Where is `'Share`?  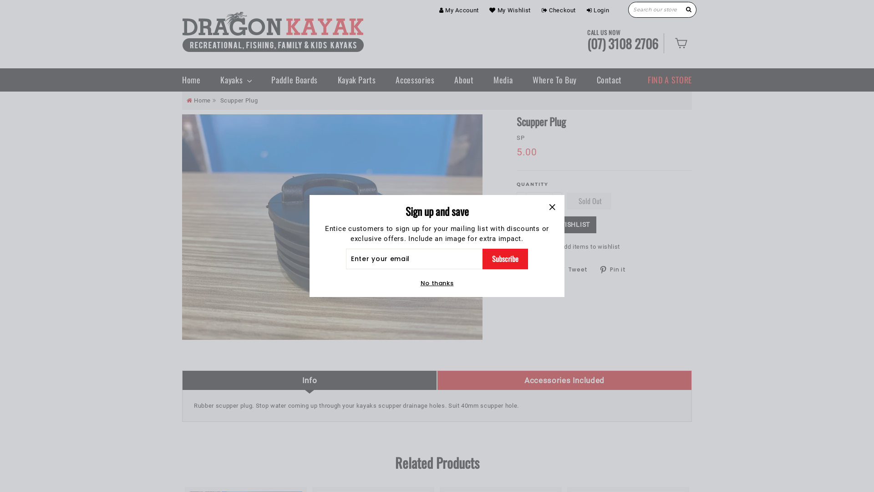
'Share is located at coordinates (534, 268).